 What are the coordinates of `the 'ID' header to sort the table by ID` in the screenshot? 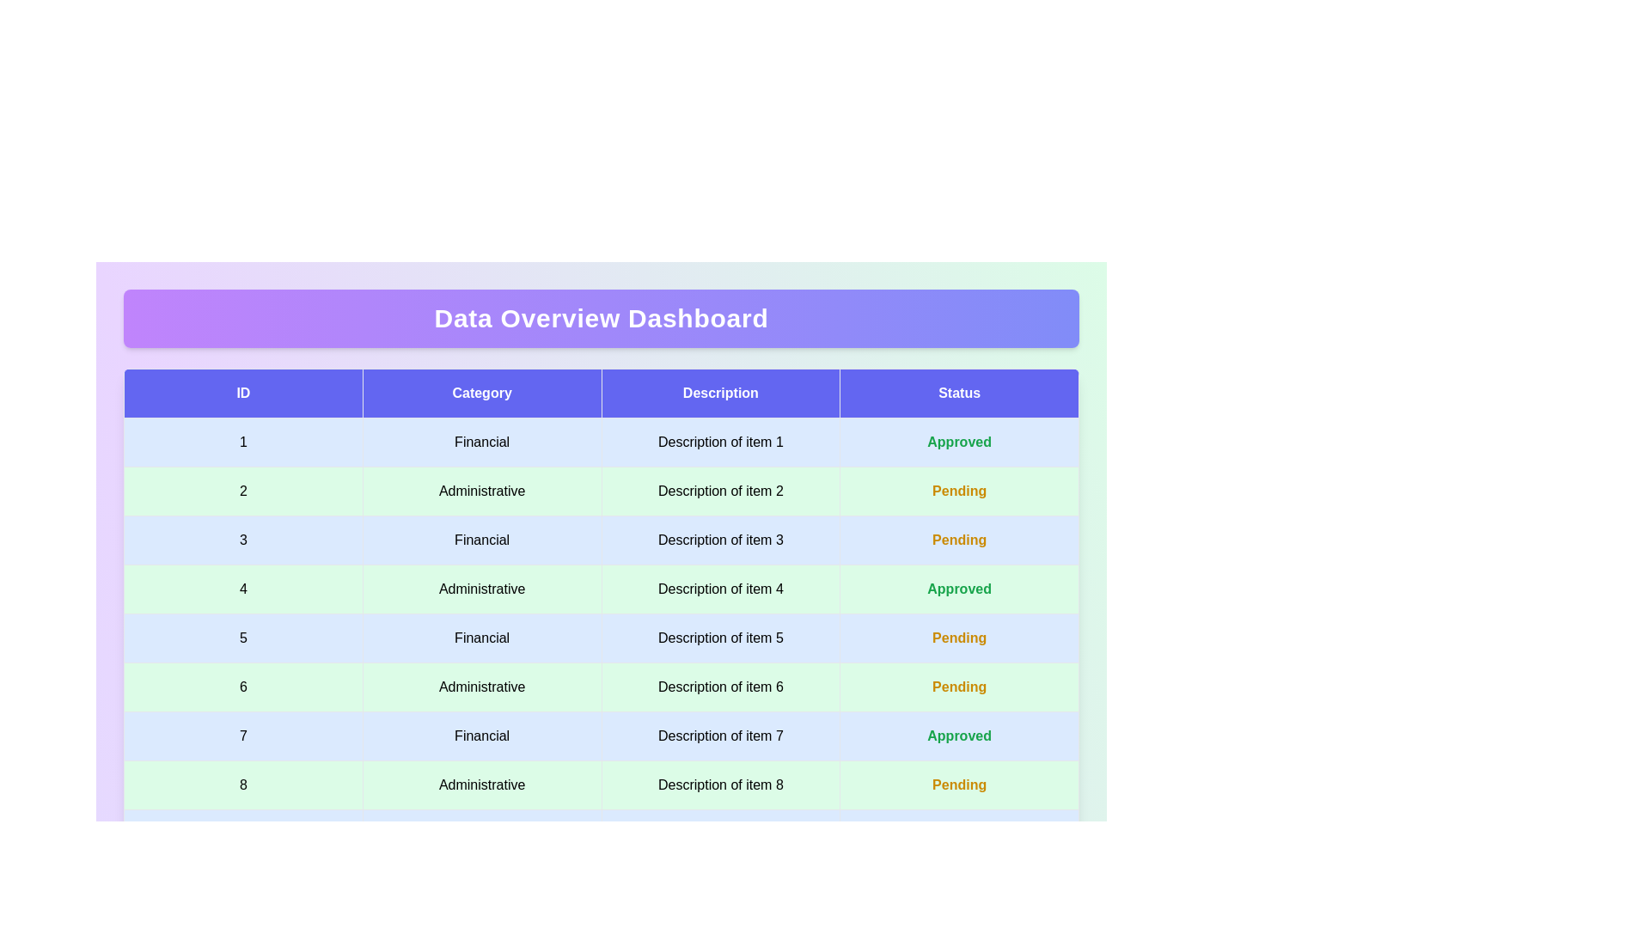 It's located at (242, 394).